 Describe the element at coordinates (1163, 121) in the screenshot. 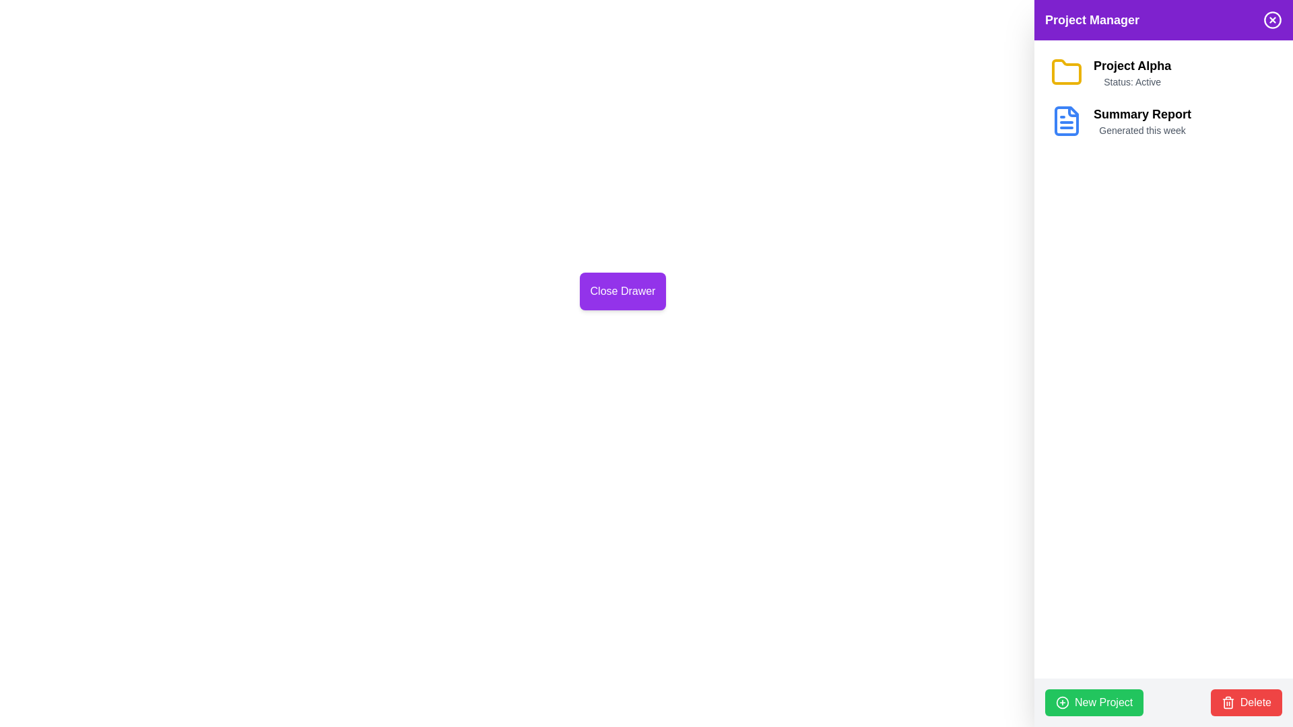

I see `the Informative Panel displaying the 'Summary Report' title and document icon in the sidebar, located below the 'Project Alpha' section` at that location.